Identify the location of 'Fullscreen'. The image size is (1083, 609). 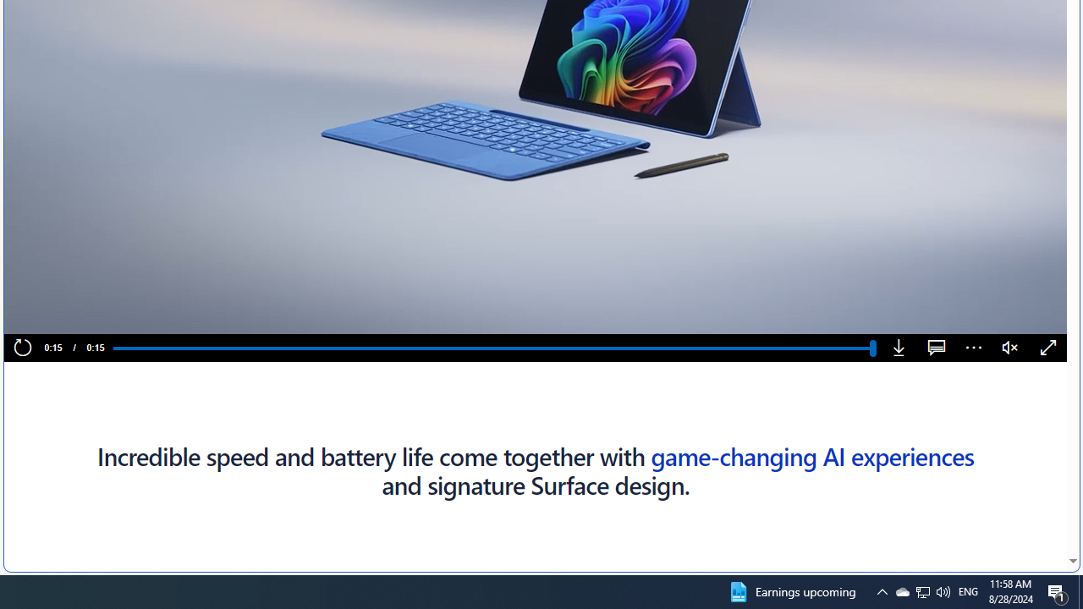
(1047, 348).